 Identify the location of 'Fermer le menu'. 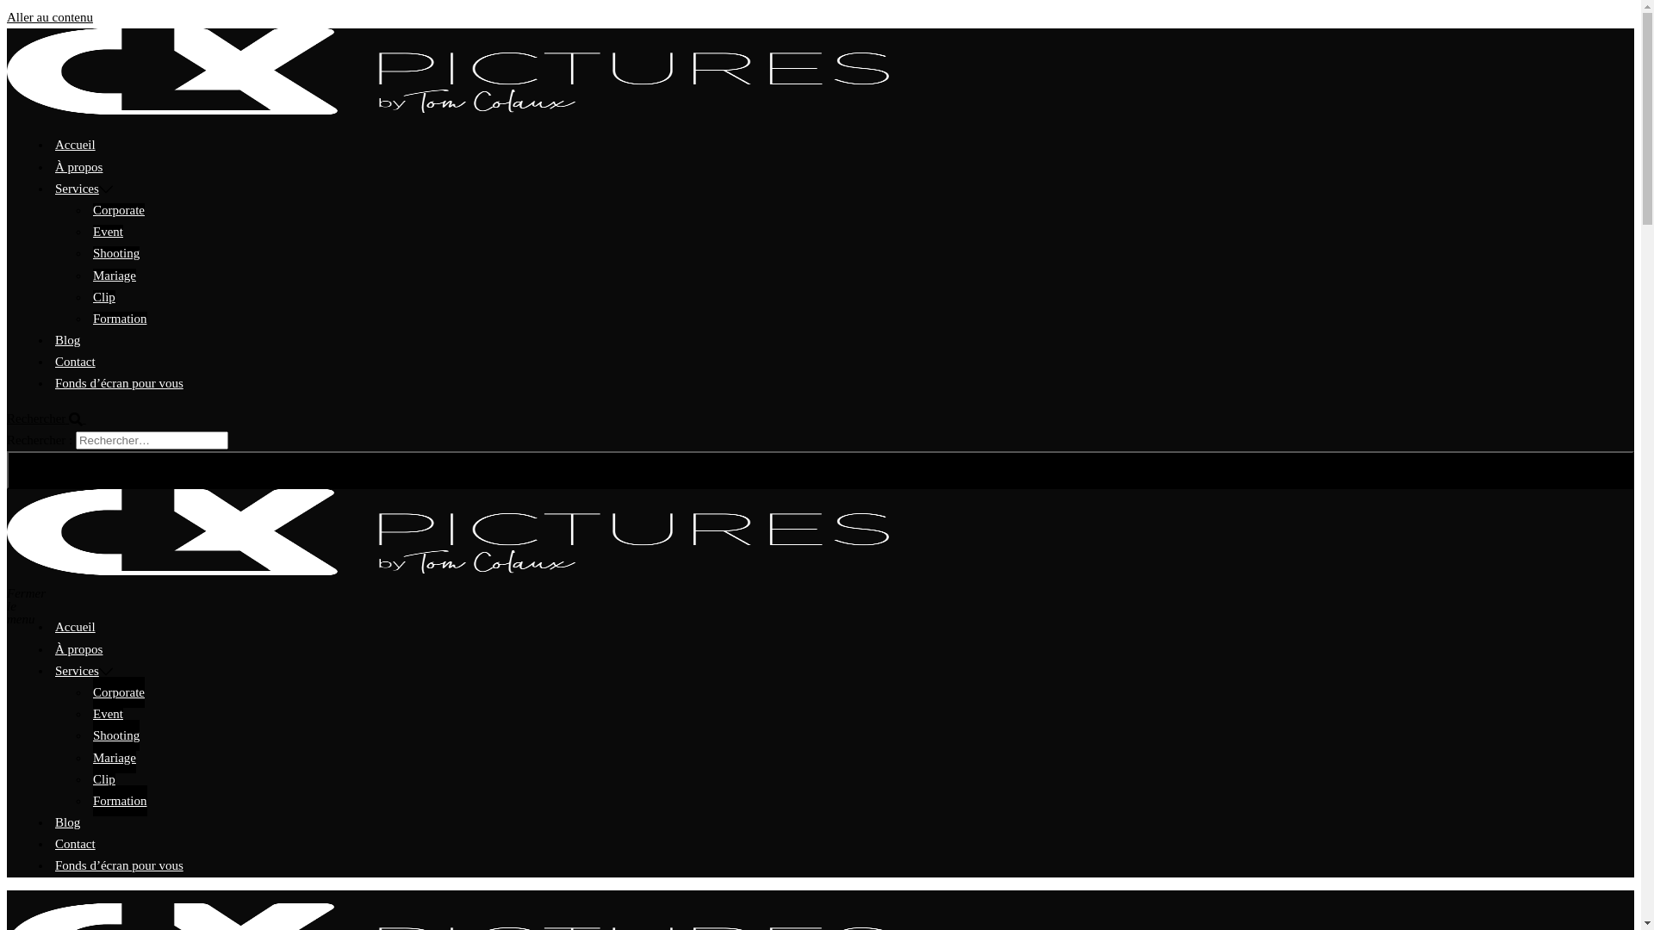
(13, 591).